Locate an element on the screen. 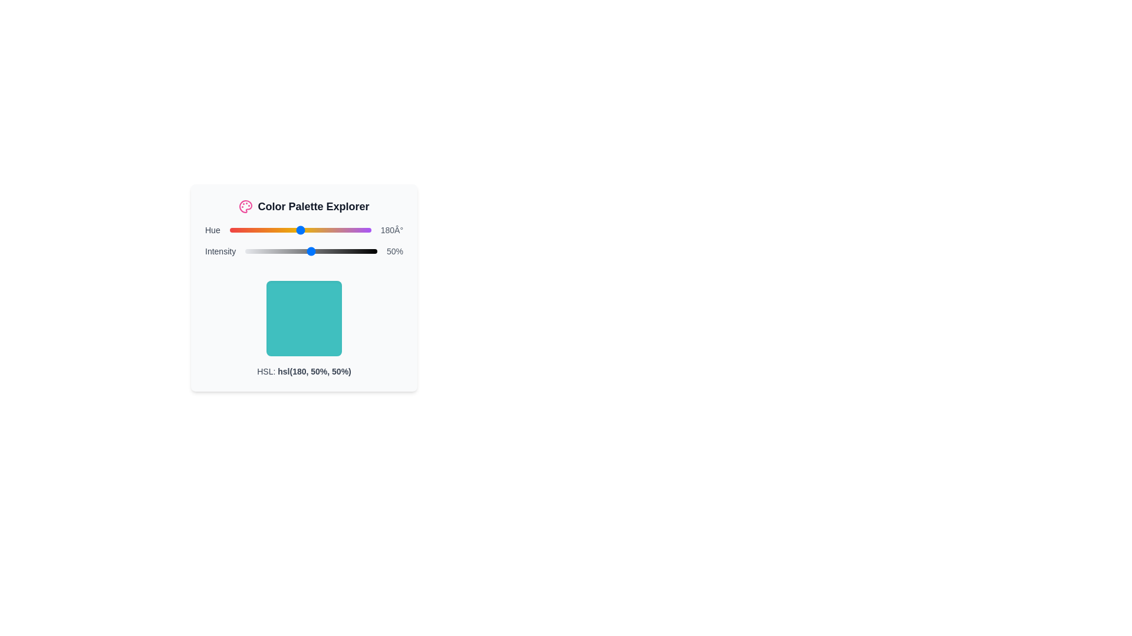  the hue slider to set its value to 192 is located at coordinates (305, 230).